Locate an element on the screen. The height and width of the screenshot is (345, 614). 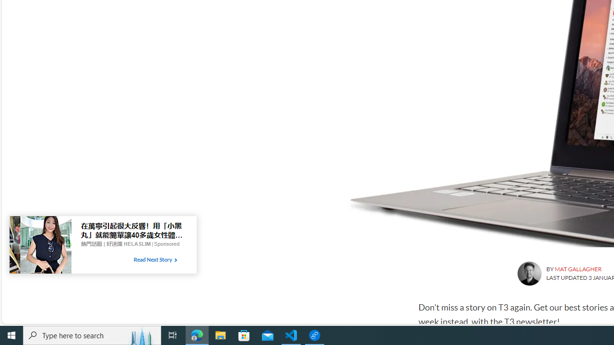
'Mat Gallagher' is located at coordinates (529, 274).